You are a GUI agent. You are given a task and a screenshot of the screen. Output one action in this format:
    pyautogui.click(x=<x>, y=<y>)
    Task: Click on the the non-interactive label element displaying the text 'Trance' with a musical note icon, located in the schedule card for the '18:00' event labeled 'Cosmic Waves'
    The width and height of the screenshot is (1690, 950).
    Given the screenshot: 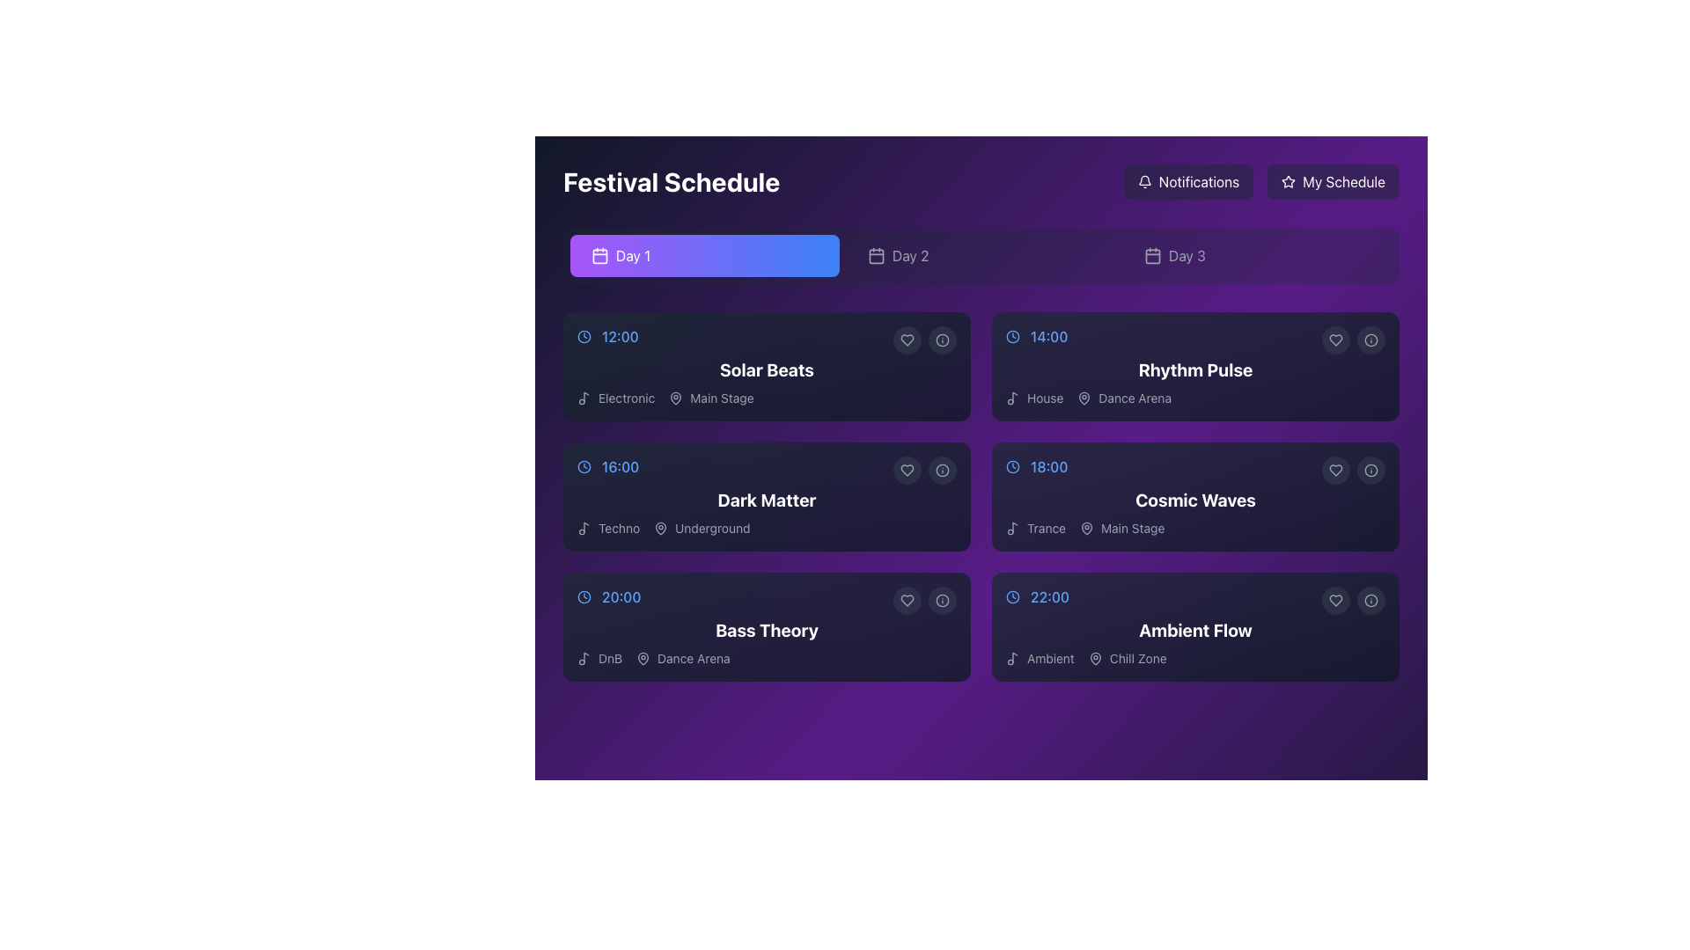 What is the action you would take?
    pyautogui.click(x=1035, y=528)
    